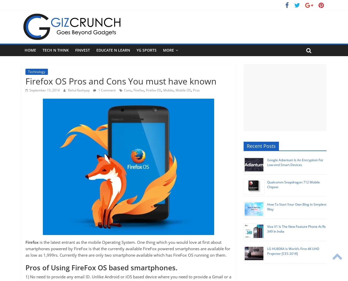 This screenshot has width=348, height=281. Describe the element at coordinates (261, 145) in the screenshot. I see `'Recent Posts'` at that location.